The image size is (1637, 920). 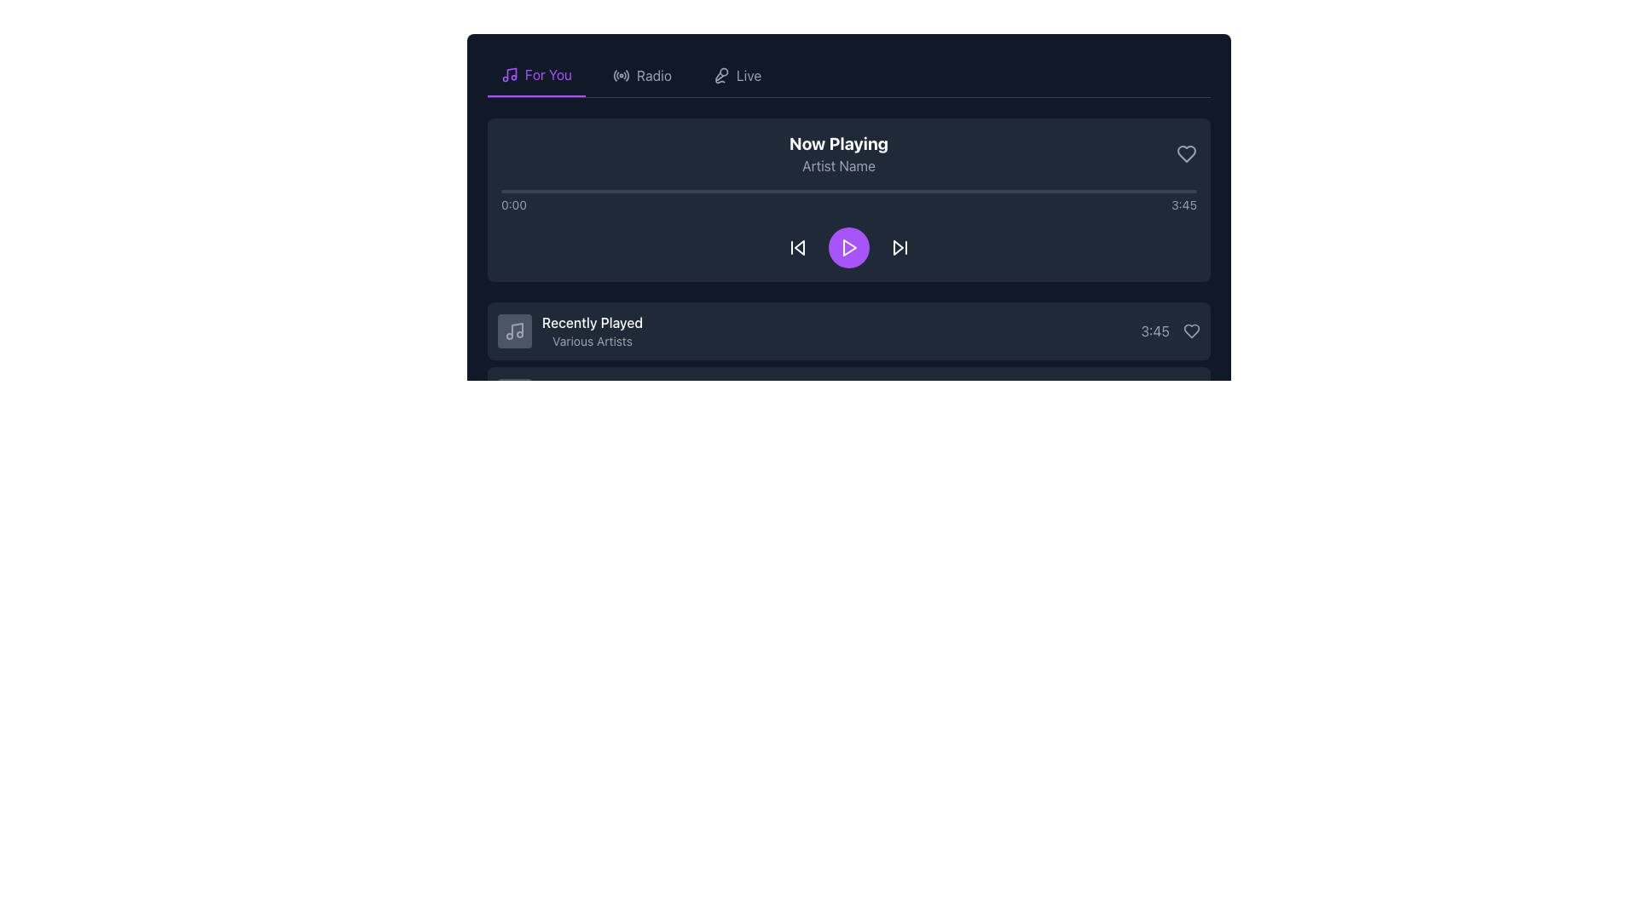 I want to click on the backward skip icon button, which is a lightweight SVG graphic styled in white, located to the left of the purple play button in the media player interface, so click(x=797, y=247).